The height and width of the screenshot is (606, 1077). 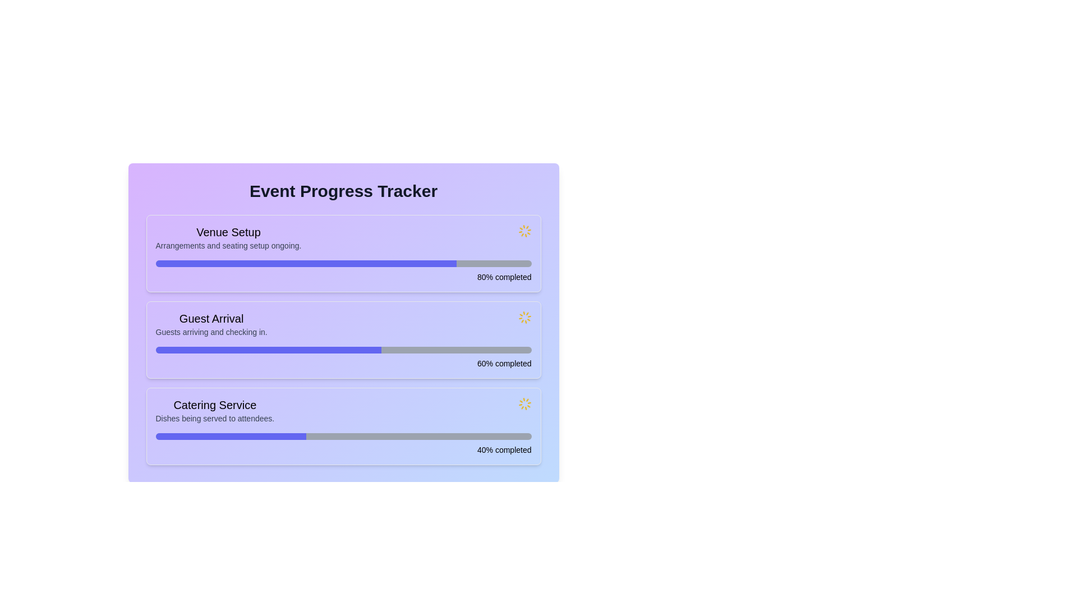 I want to click on the animation of the loader or progress indicator located in the upper-right corner of the 'Venue Setup' progress section, positioned to the right of the progress bar and completion text, so click(x=524, y=231).